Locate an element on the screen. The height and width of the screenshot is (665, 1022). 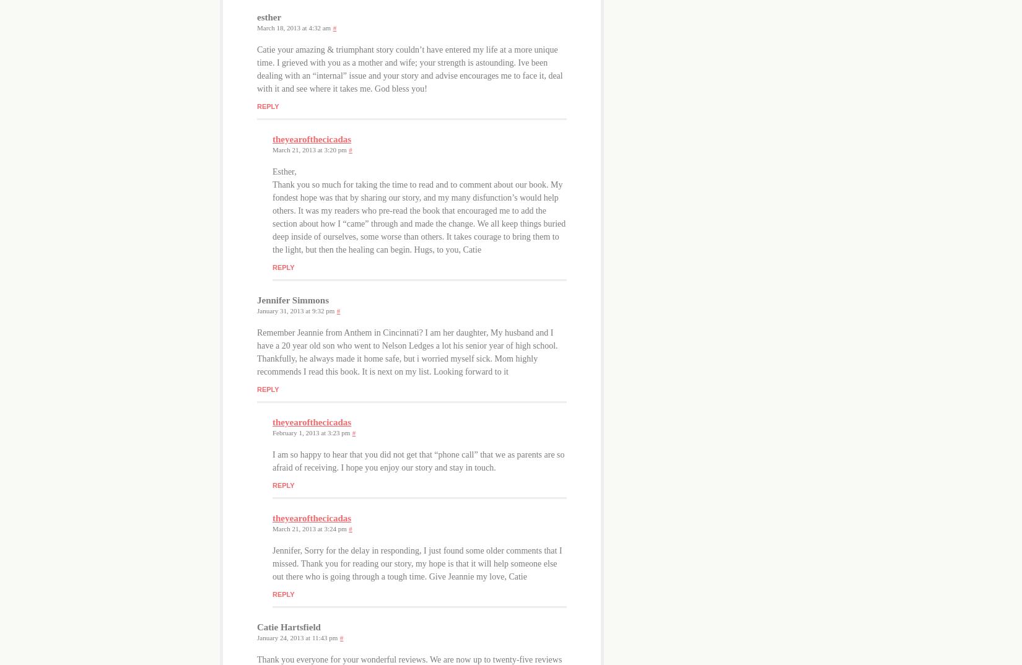
'March 18, 2013 at 4:32 am' is located at coordinates (293, 27).